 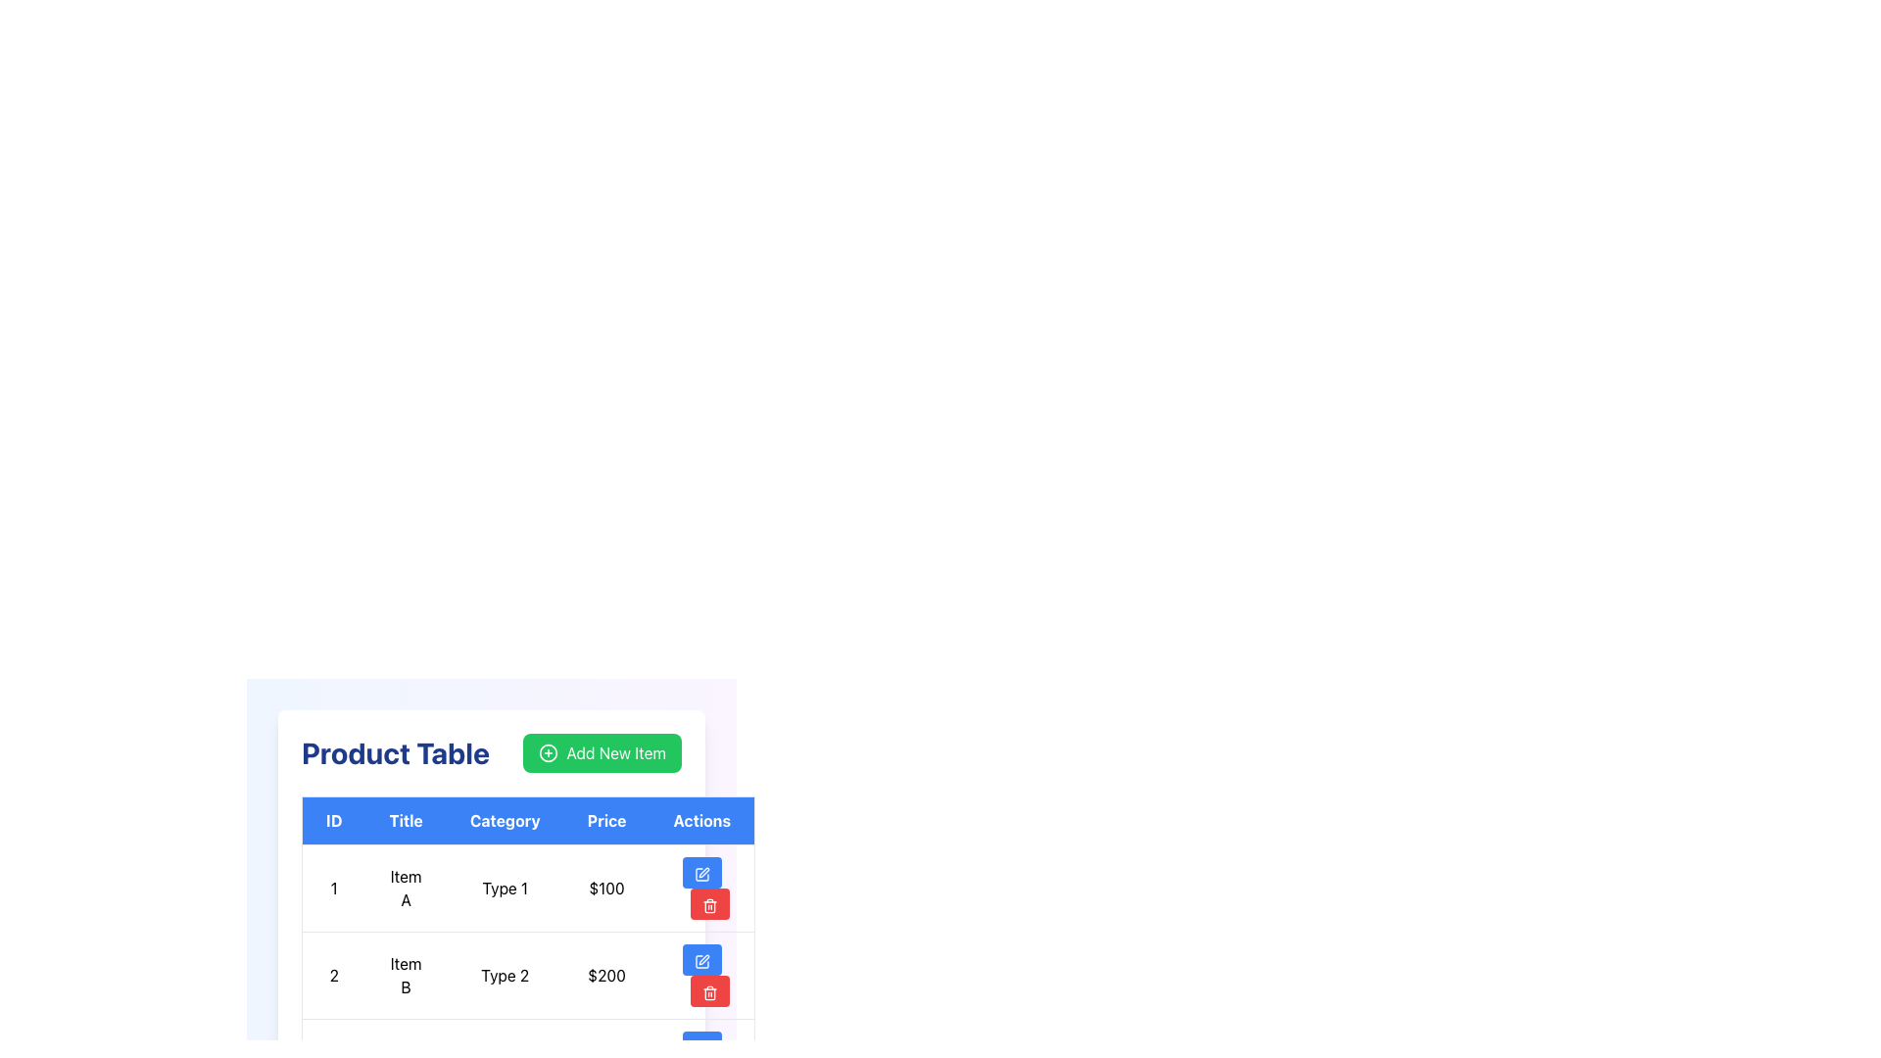 I want to click on the table cell in the second row, first column that serves as a row identifier for the item, so click(x=333, y=975).